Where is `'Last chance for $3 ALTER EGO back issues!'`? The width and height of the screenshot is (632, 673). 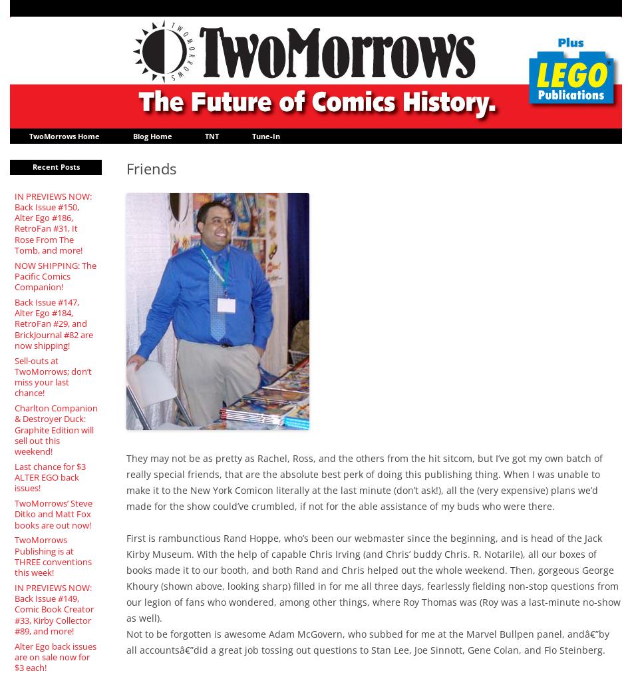 'Last chance for $3 ALTER EGO back issues!' is located at coordinates (49, 476).